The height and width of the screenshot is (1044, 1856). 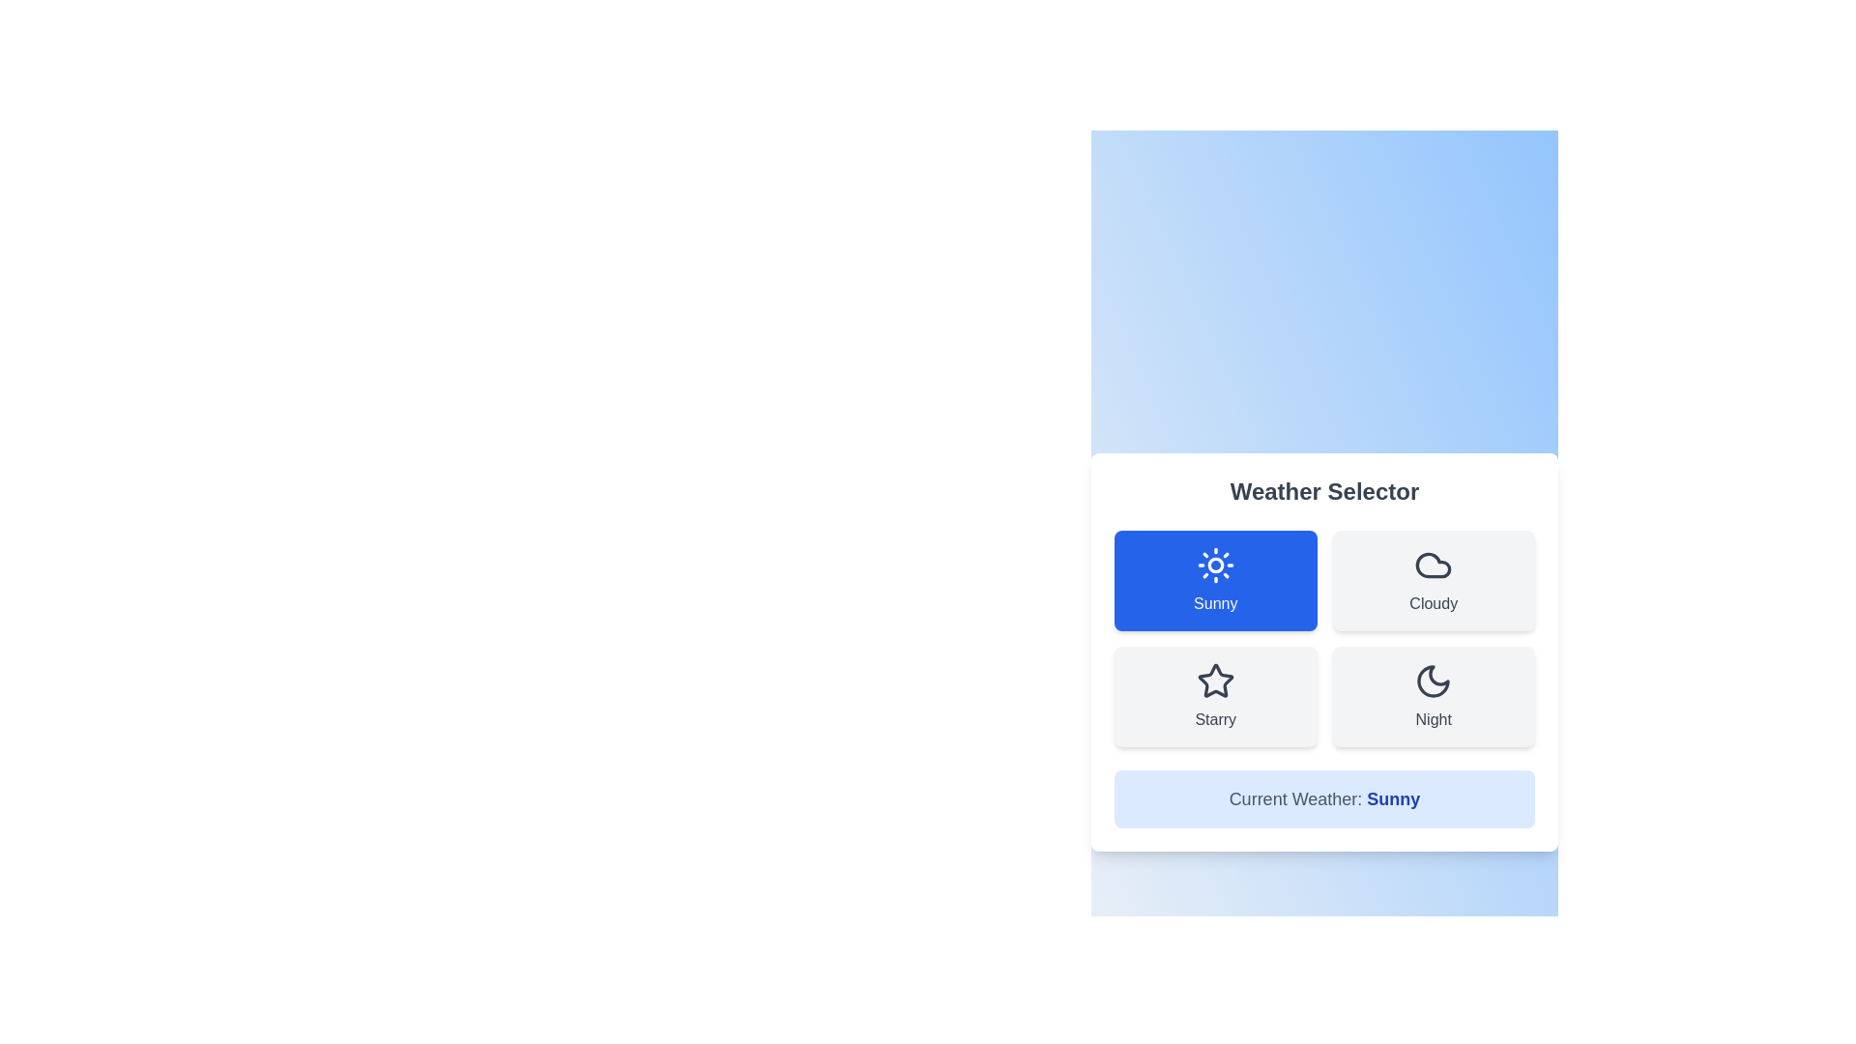 I want to click on the button labeled Starry to select it, so click(x=1214, y=697).